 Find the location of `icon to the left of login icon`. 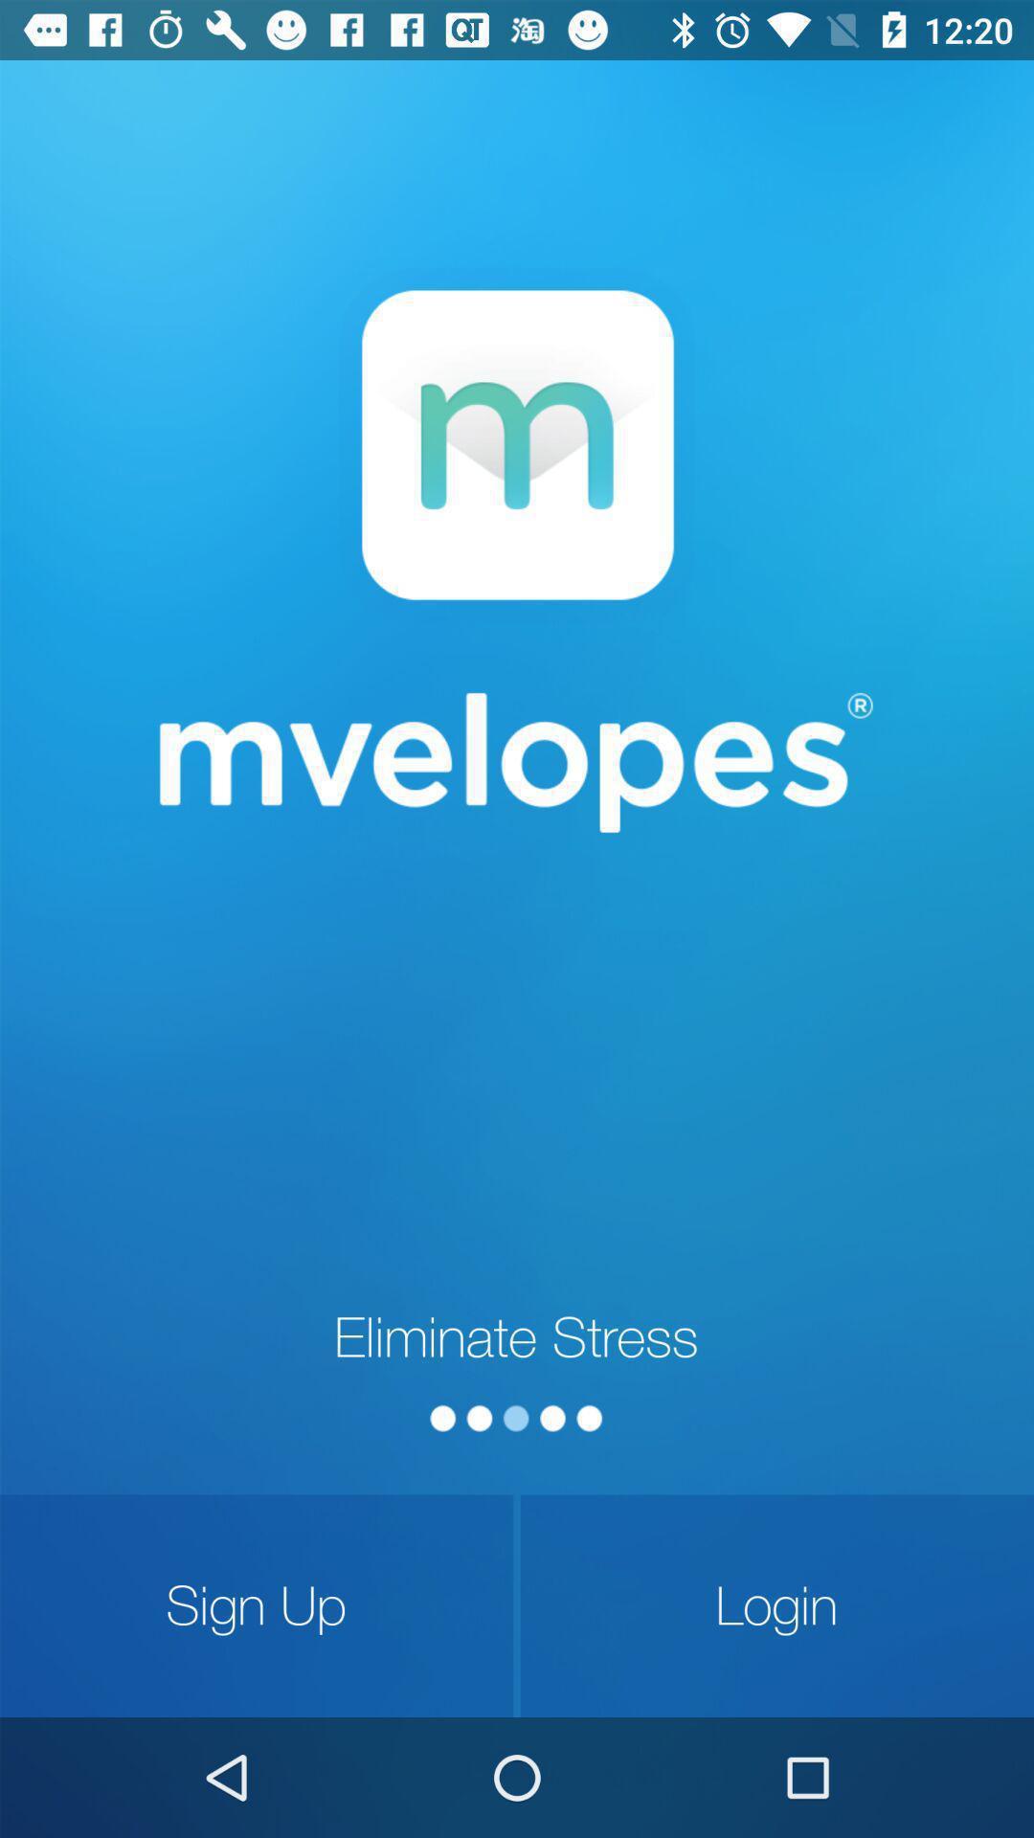

icon to the left of login icon is located at coordinates (256, 1605).